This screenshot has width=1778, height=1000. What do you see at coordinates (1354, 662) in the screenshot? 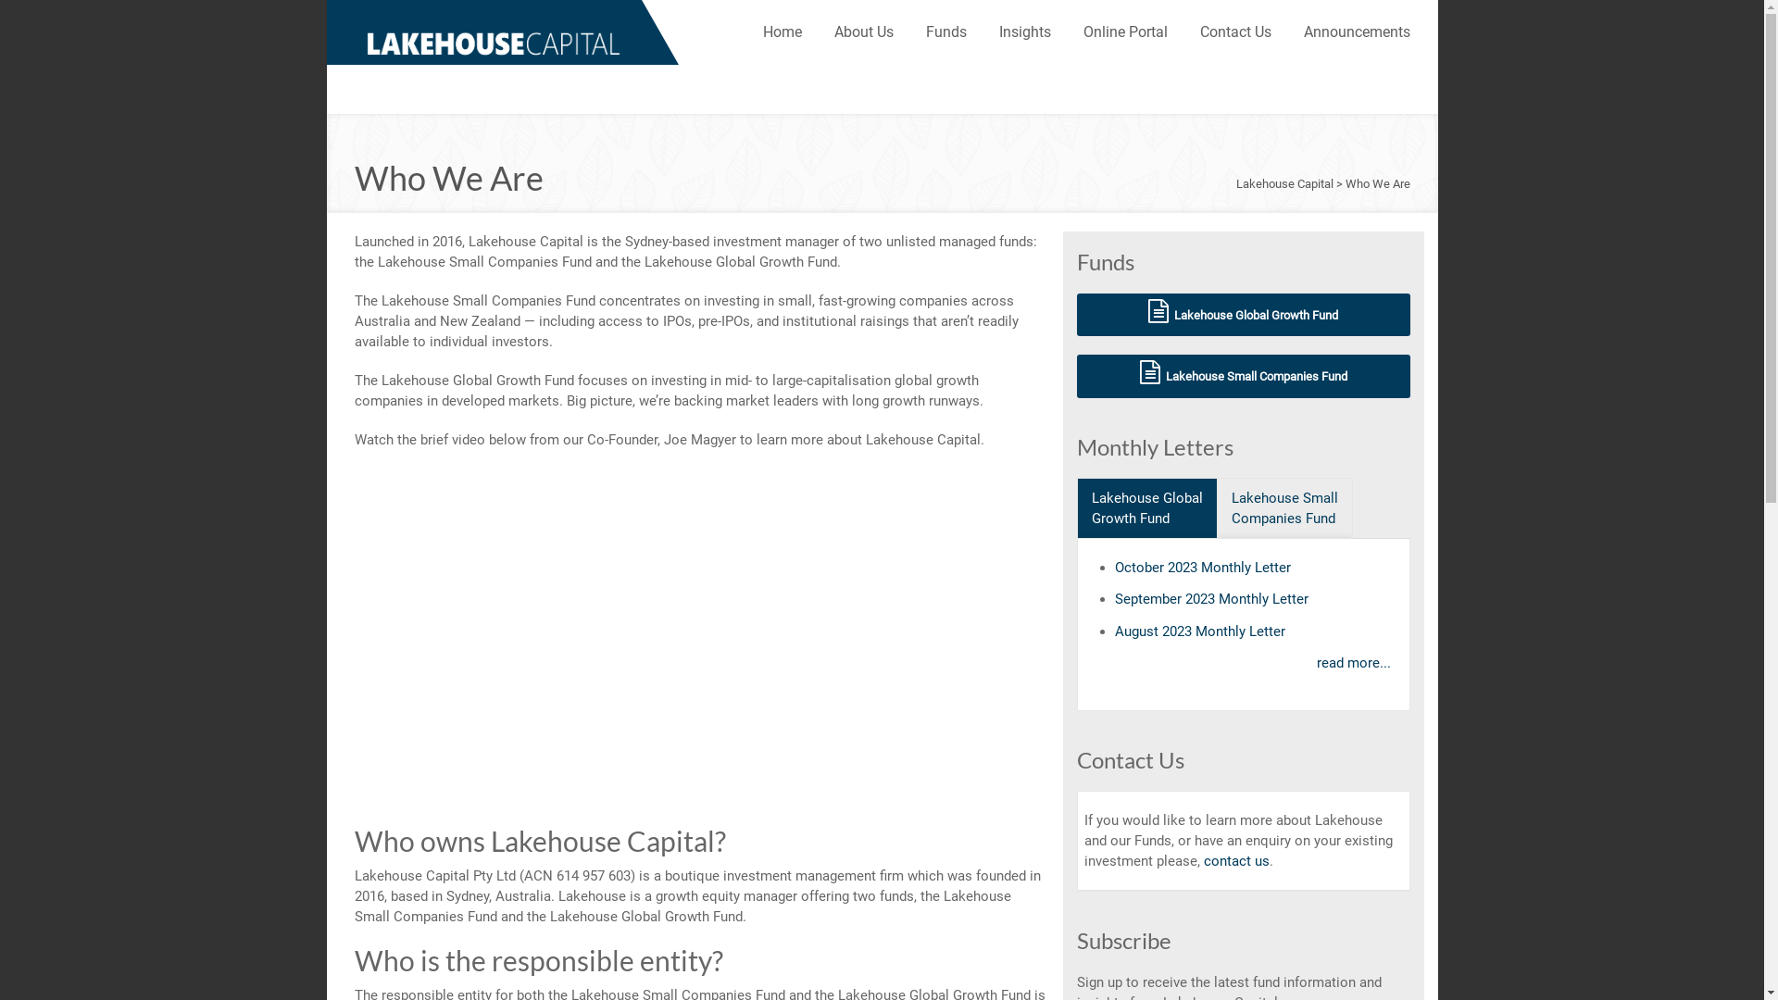
I see `'read more...'` at bounding box center [1354, 662].